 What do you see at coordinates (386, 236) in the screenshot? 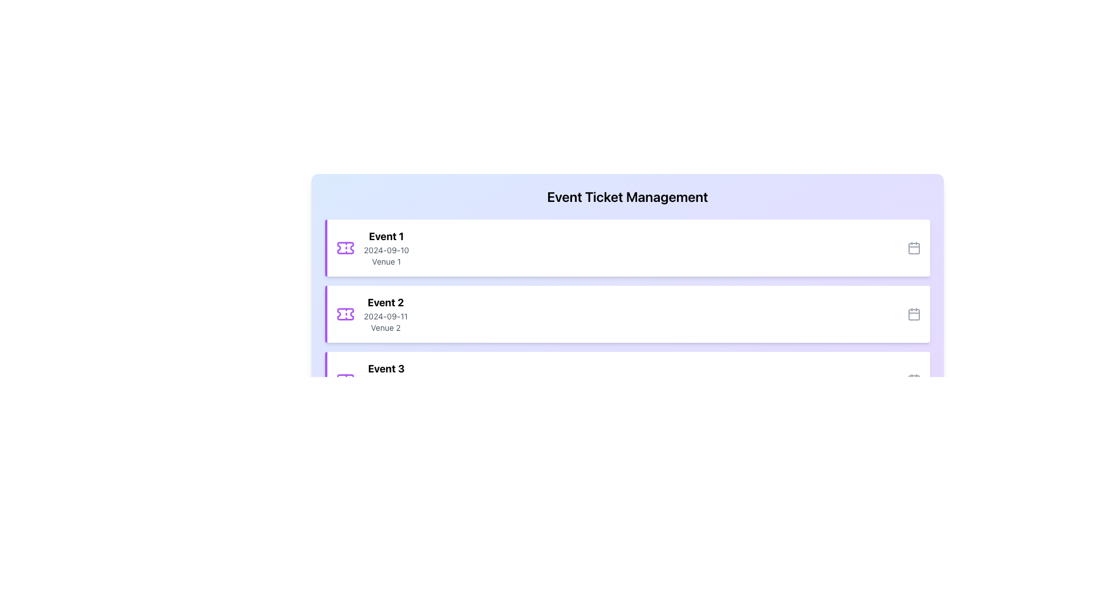
I see `the text element displaying 'Event 1' in bold and large font to select it` at bounding box center [386, 236].